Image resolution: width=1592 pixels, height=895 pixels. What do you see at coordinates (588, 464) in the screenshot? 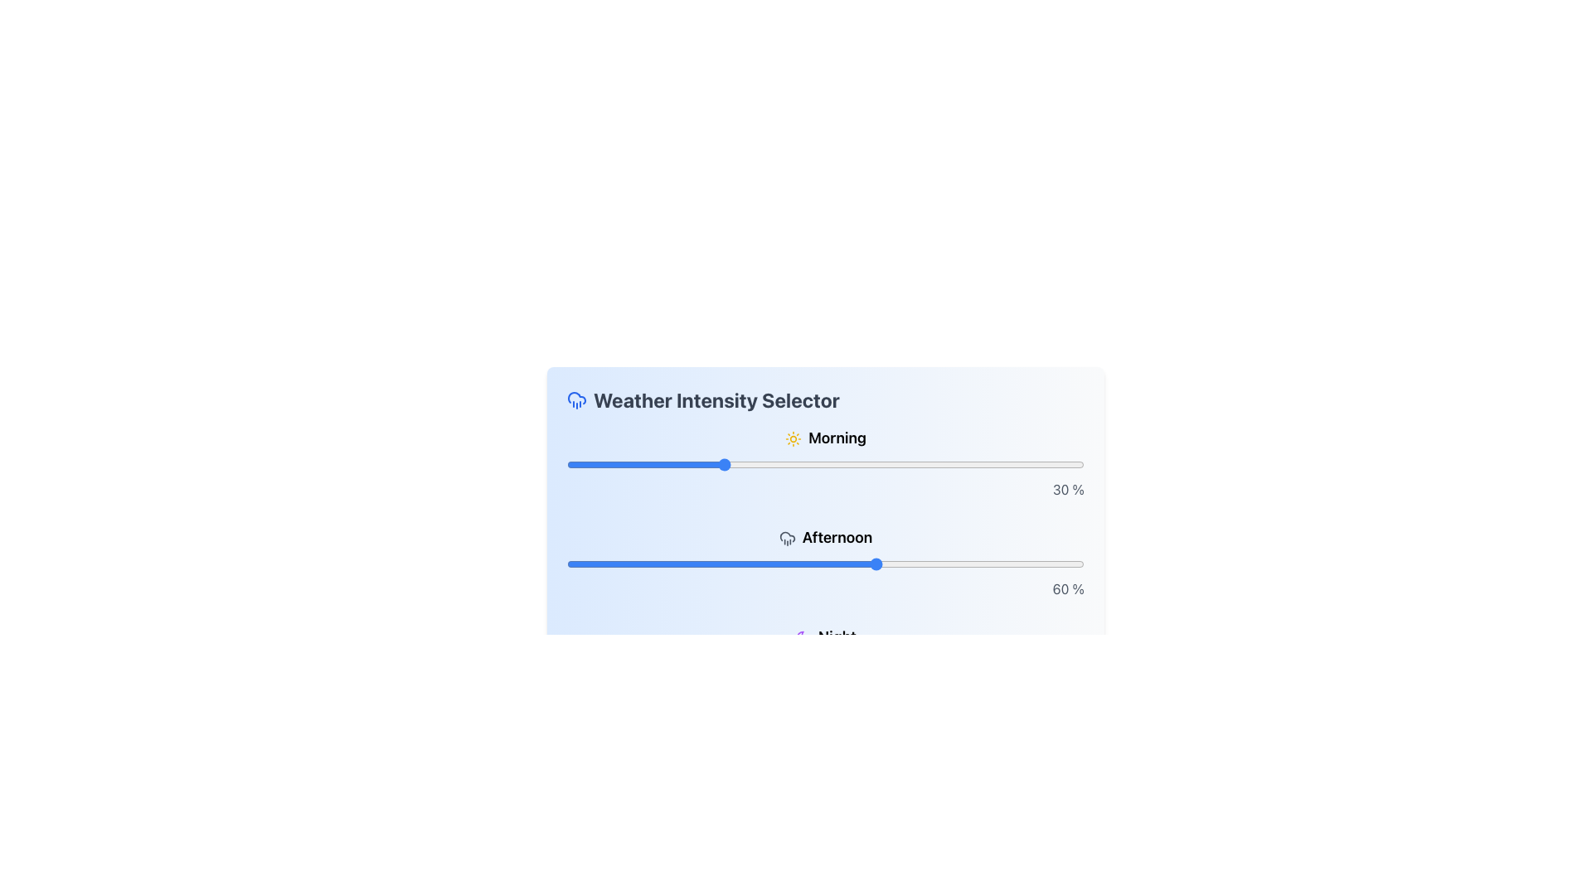
I see `the morning weather intensity` at bounding box center [588, 464].